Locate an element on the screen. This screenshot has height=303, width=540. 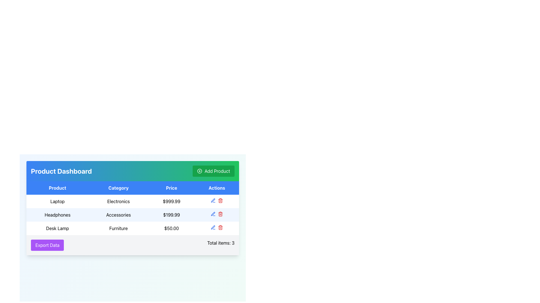
text from the label displaying the word 'Laptop', which is located in the first column of the second row of the table under the 'Product' header is located at coordinates (57, 201).